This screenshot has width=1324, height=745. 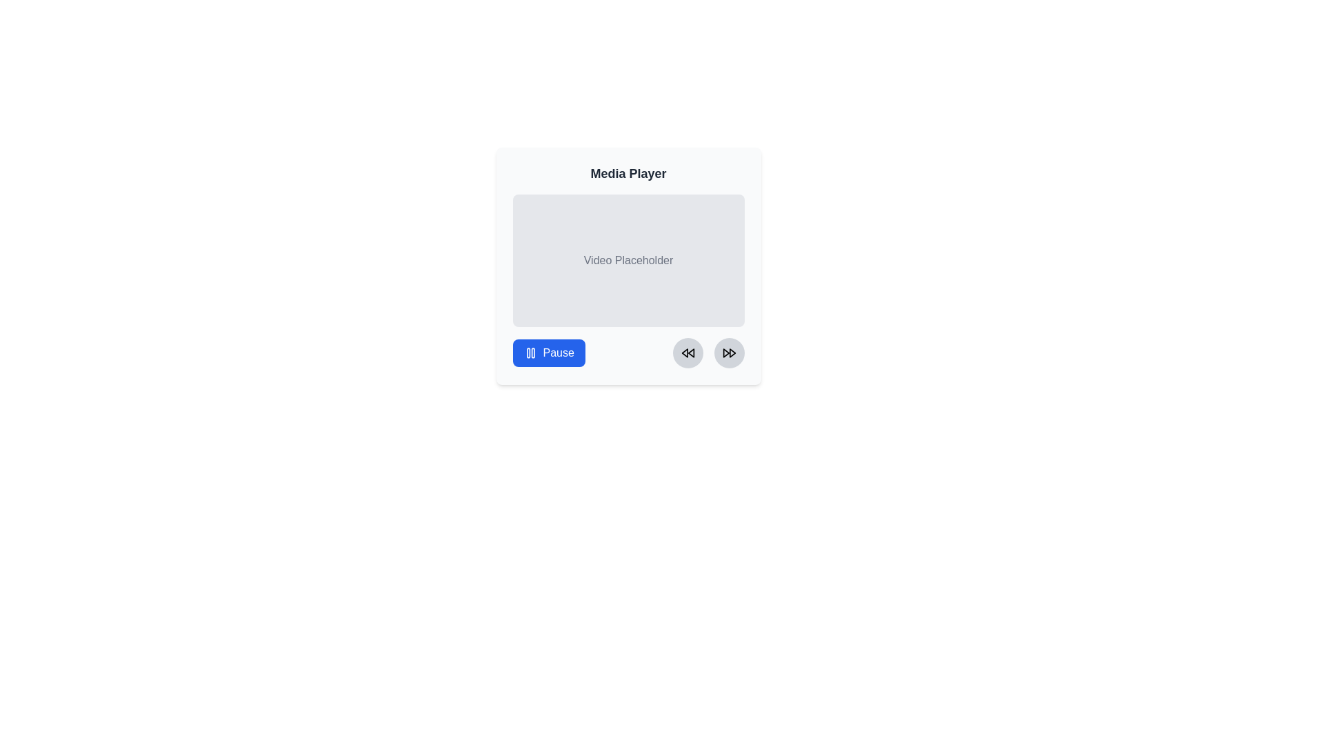 What do you see at coordinates (688, 352) in the screenshot?
I see `the circular rewind button with a light gray background and a double-arrow symbol pointing left, located at the bottom center of the media player interface` at bounding box center [688, 352].